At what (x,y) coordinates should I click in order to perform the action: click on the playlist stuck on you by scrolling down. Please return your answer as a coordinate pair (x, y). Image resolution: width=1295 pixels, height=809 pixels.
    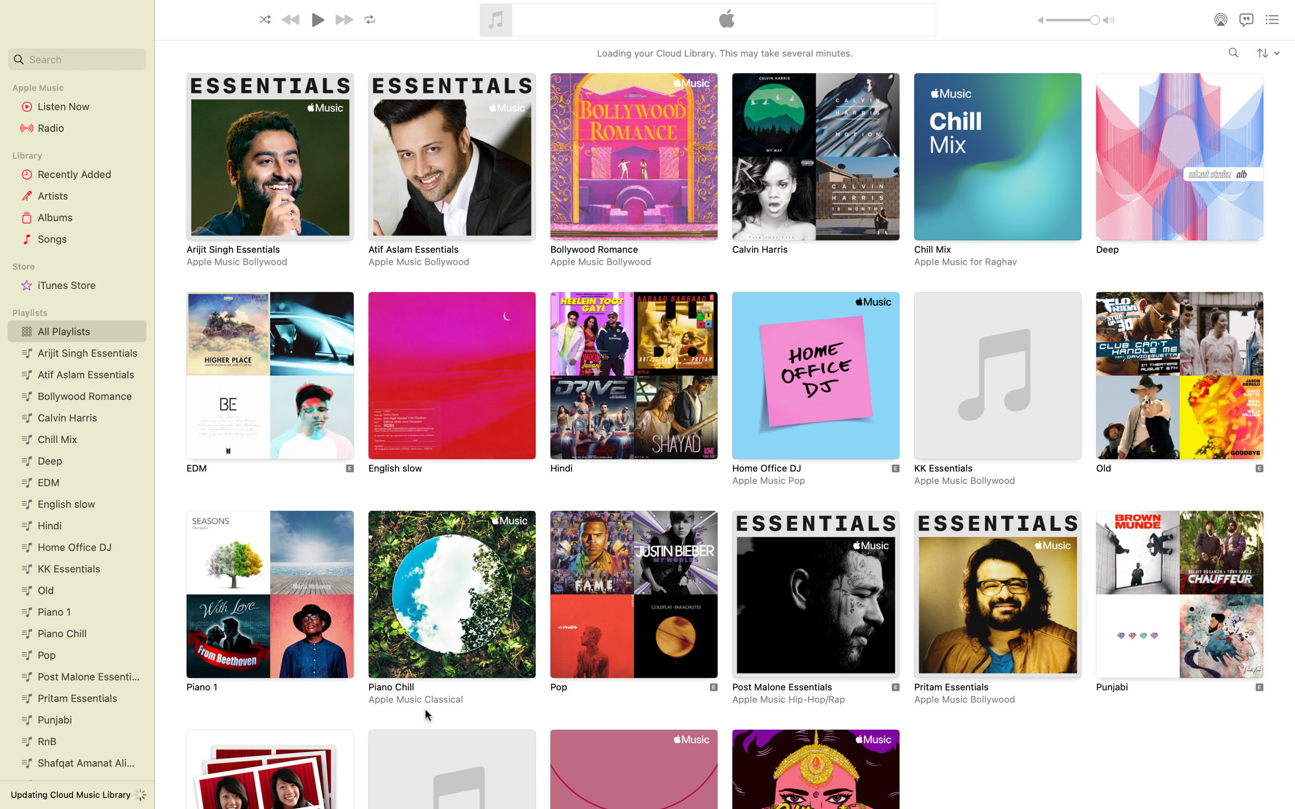
    Looking at the image, I should click on (2440427, 893136).